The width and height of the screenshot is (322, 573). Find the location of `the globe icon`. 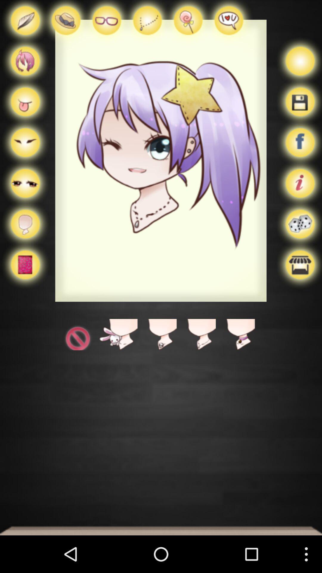

the globe icon is located at coordinates (25, 65).